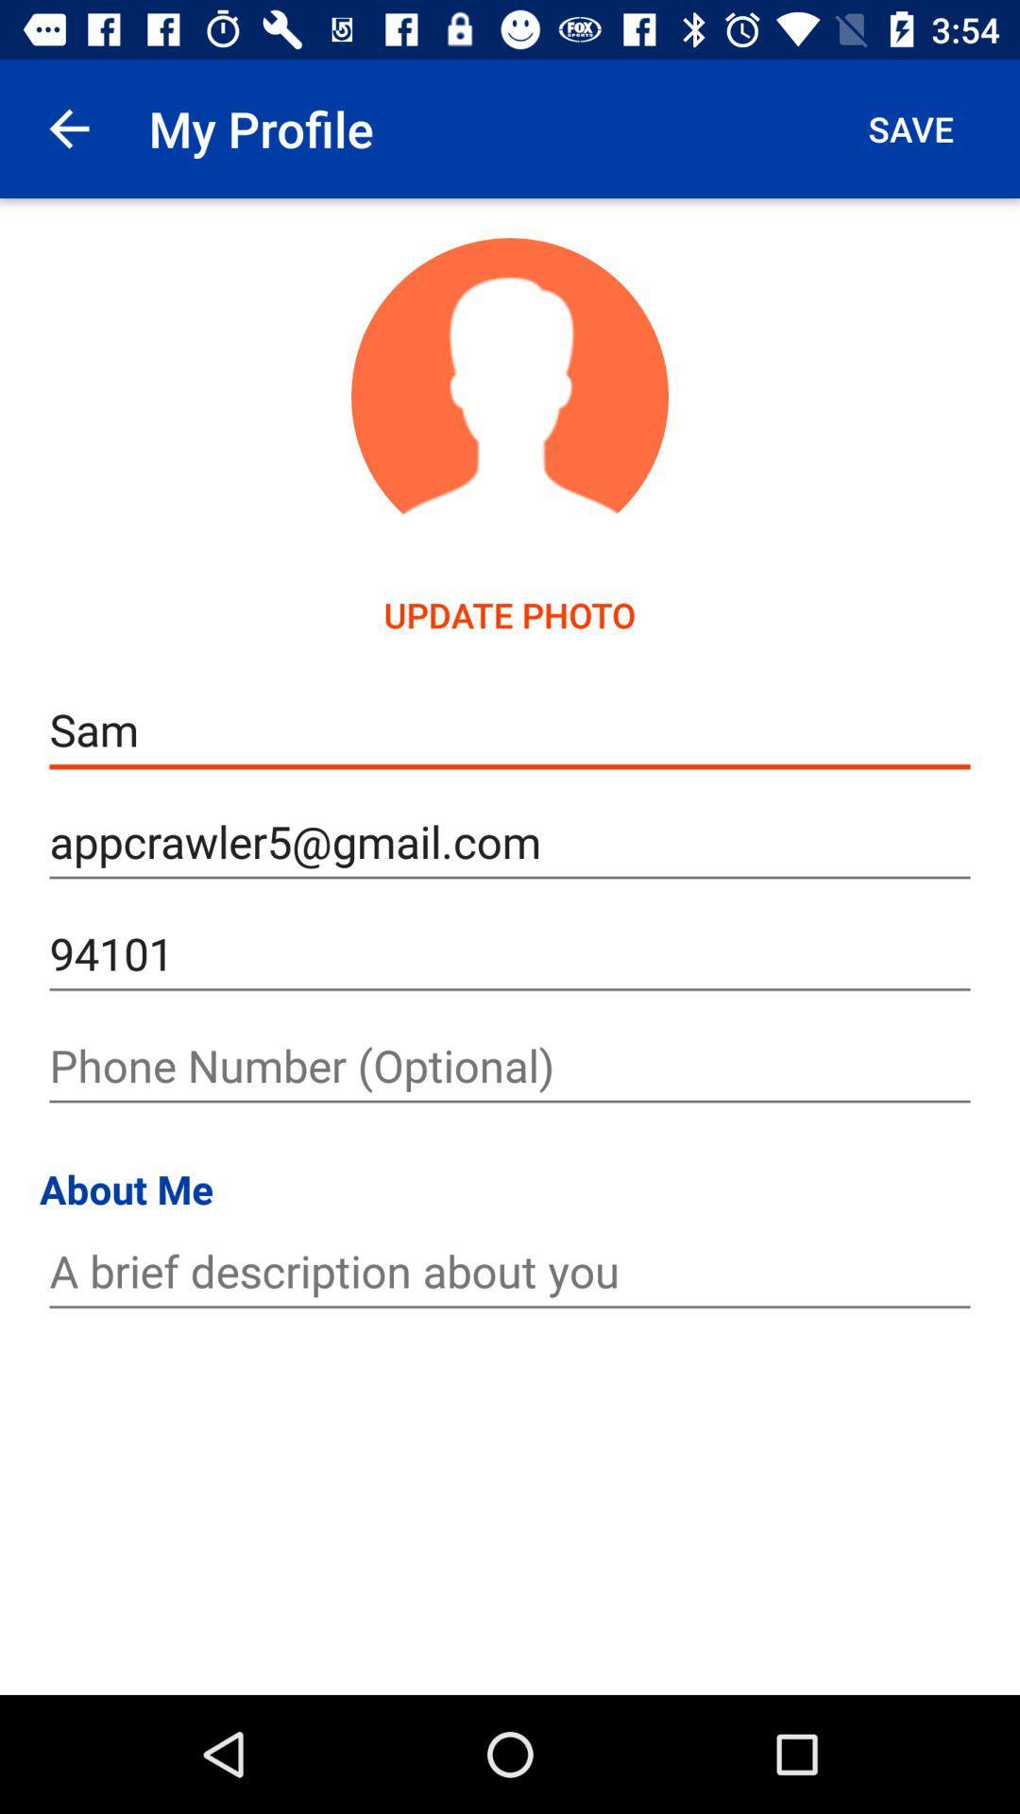 The height and width of the screenshot is (1814, 1020). I want to click on item above about me, so click(510, 1066).